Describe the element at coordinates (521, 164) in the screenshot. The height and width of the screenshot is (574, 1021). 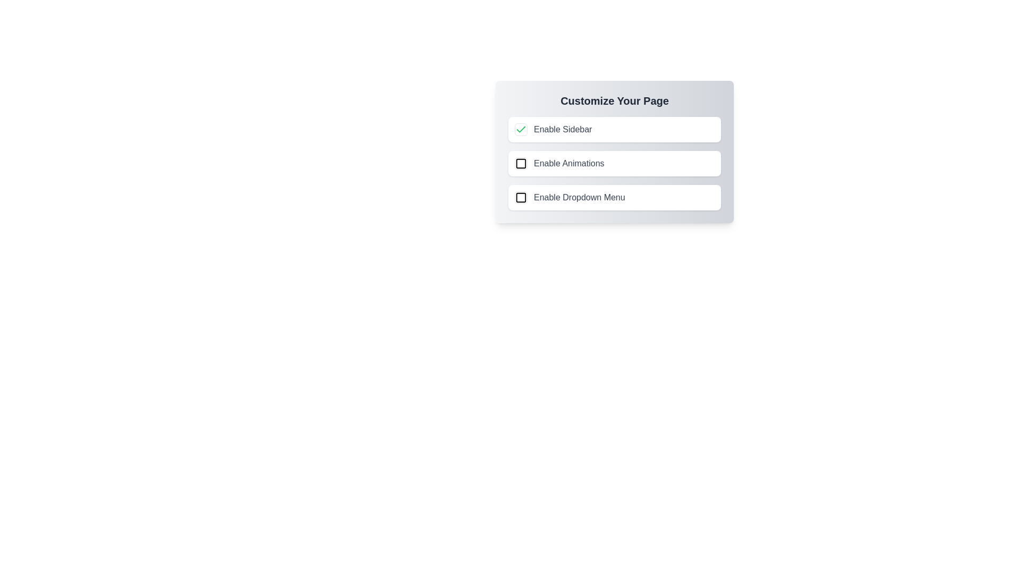
I see `the second checkbox element under the 'Customize Your Page' section` at that location.